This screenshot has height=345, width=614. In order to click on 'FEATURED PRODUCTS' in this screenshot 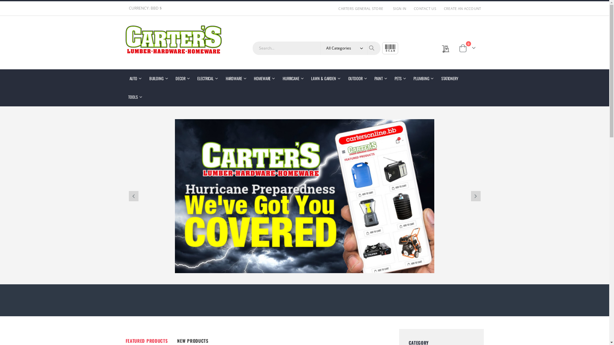, I will do `click(146, 340)`.